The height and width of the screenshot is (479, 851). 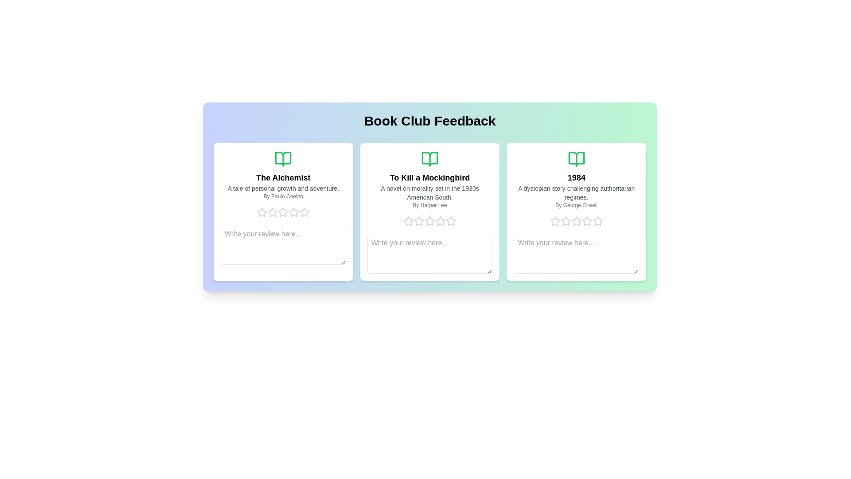 I want to click on the third star in the rating system under the book title 'To Kill a Mockingbird' to assign a rating, so click(x=418, y=220).